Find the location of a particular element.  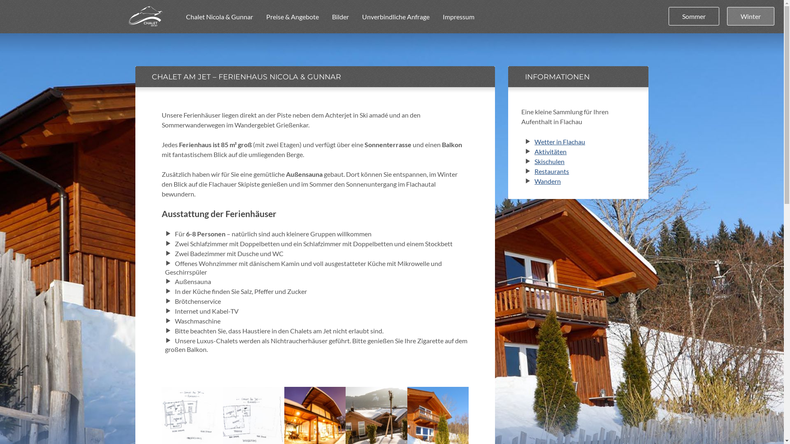

'Wandern' is located at coordinates (547, 180).